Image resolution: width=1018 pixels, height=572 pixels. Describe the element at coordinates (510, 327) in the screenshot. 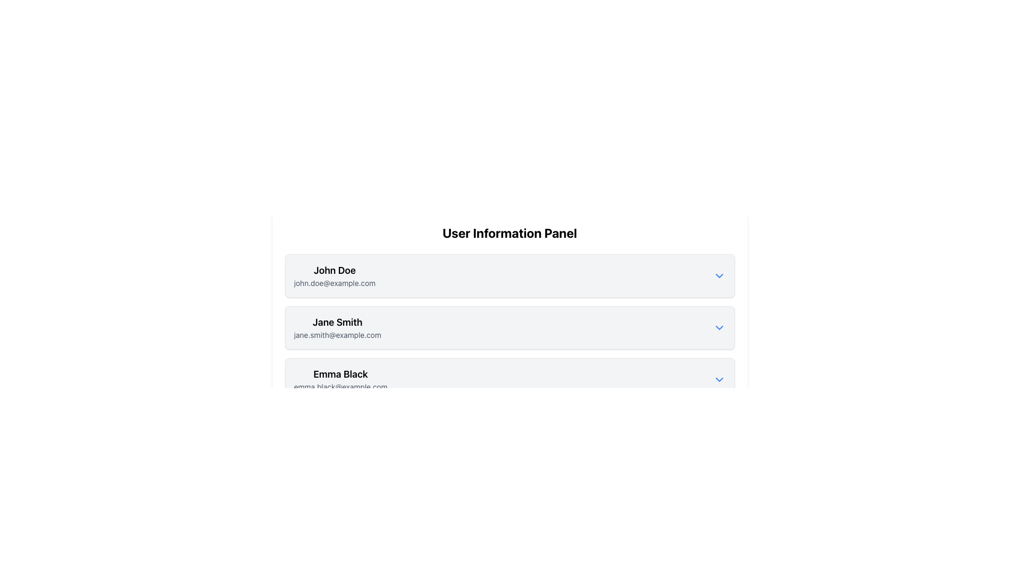

I see `the second list item in the User Information Panel` at that location.